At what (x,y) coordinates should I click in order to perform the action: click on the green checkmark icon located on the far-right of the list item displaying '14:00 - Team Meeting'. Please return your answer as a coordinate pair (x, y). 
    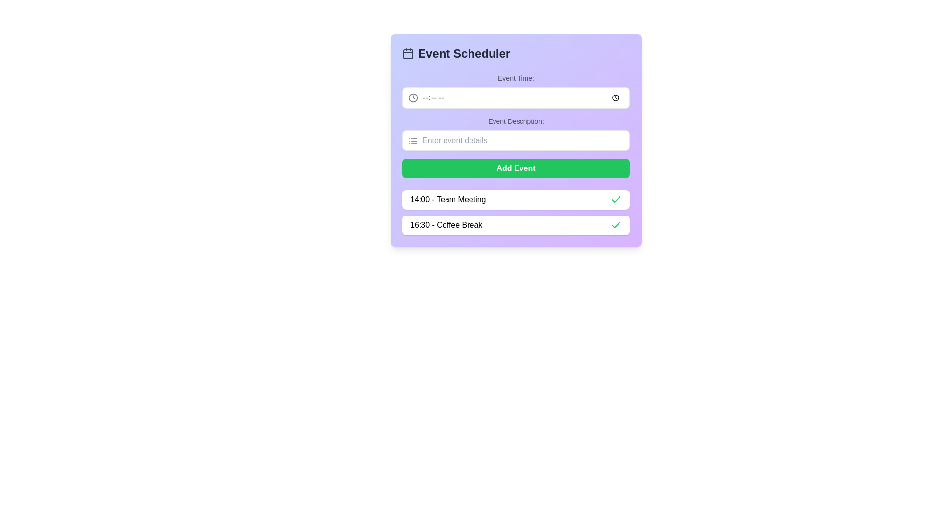
    Looking at the image, I should click on (616, 199).